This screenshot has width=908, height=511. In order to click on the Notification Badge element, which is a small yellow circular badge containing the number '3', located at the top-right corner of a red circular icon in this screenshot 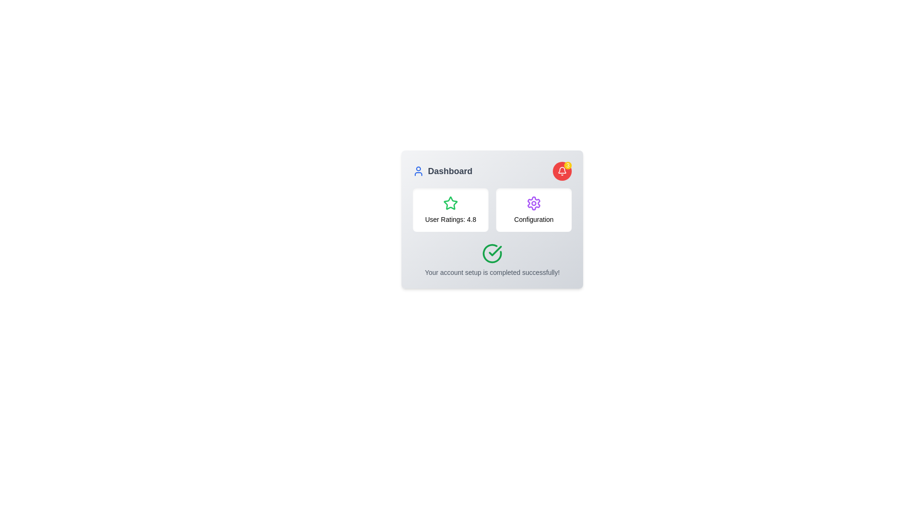, I will do `click(567, 165)`.